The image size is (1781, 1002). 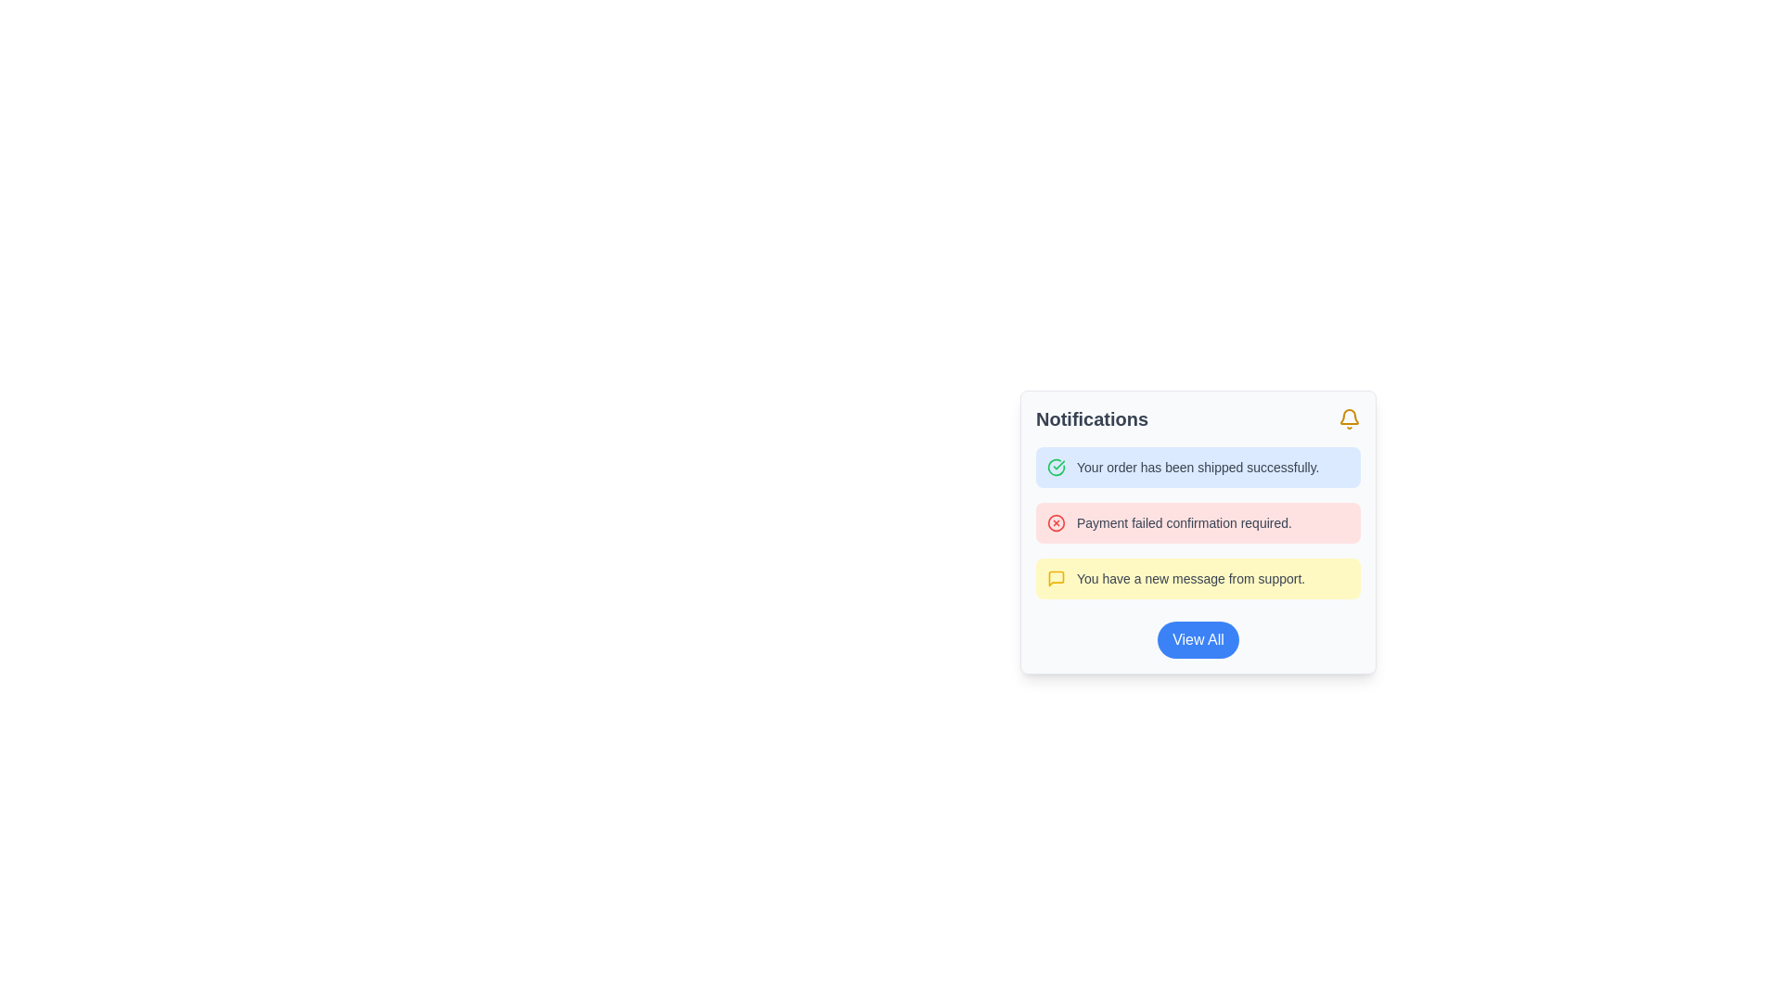 What do you see at coordinates (1183, 522) in the screenshot?
I see `message from the second item in the notification widget that says 'Payment failed confirmation required.'` at bounding box center [1183, 522].